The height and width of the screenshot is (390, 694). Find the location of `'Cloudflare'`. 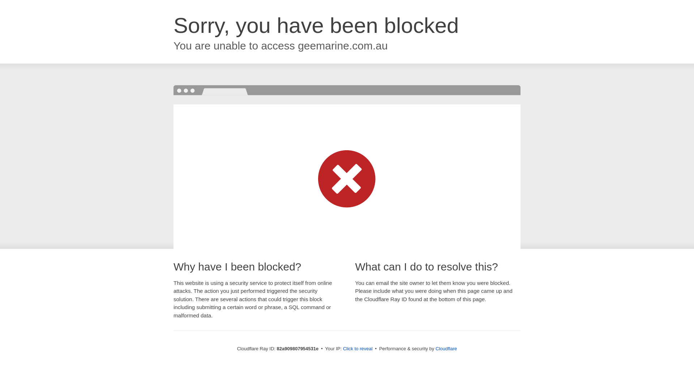

'Cloudflare' is located at coordinates (446, 348).